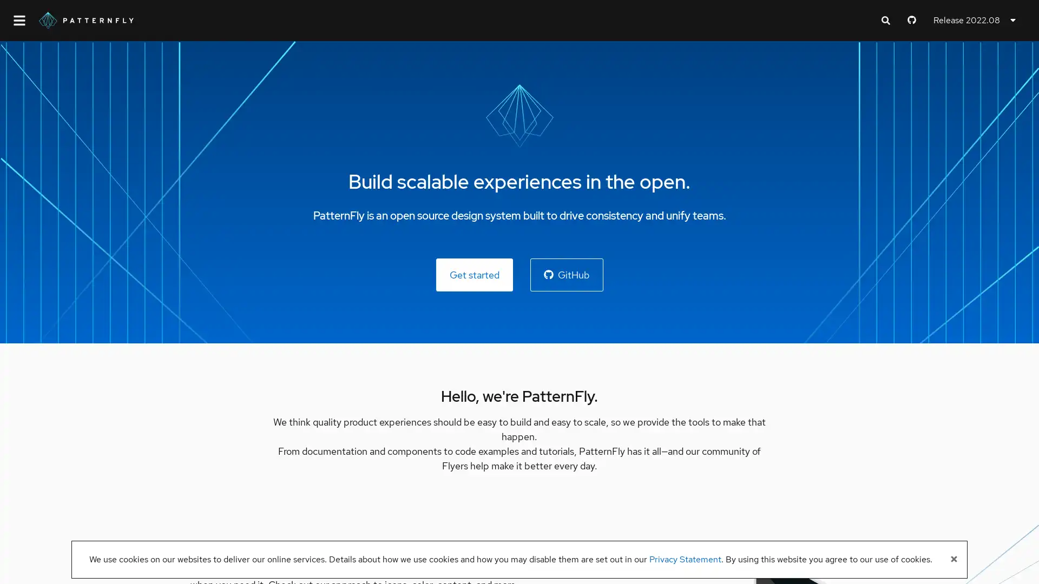 The height and width of the screenshot is (584, 1039). I want to click on Global navigation, so click(19, 20).